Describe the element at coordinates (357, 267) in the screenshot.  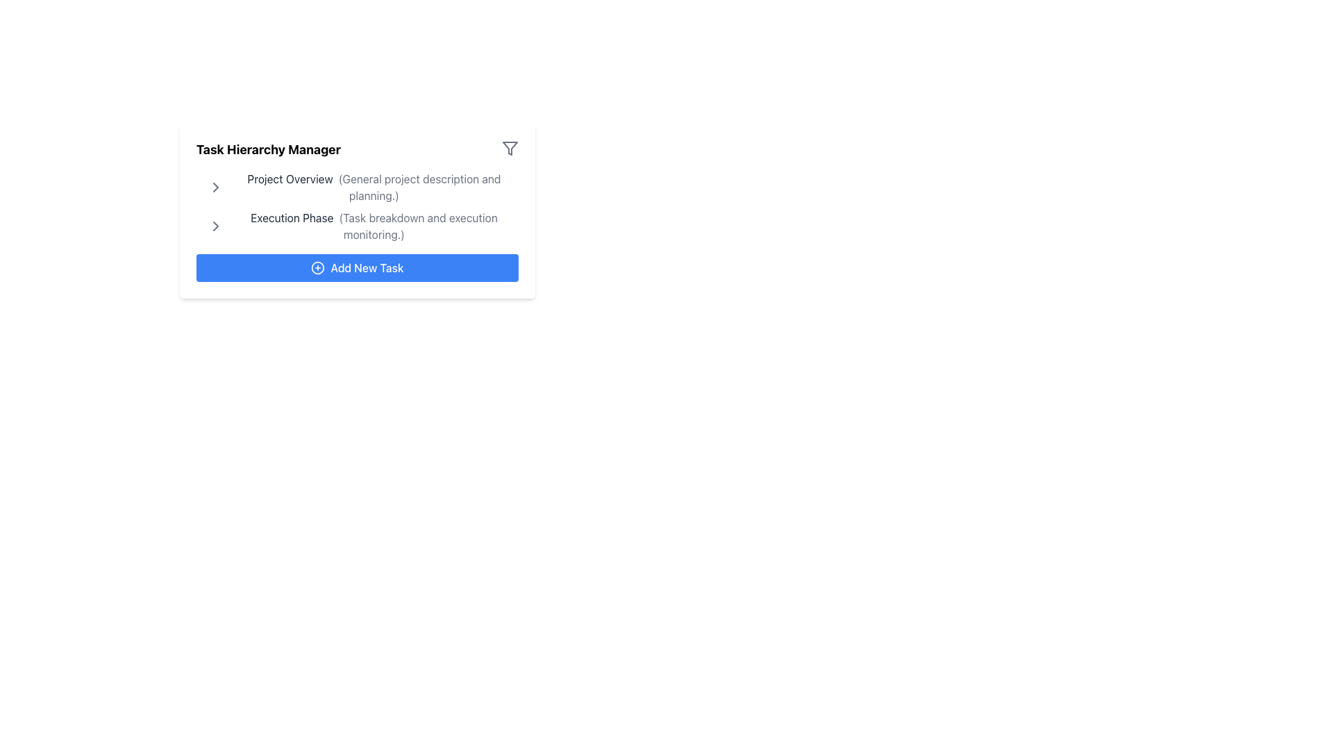
I see `the 'Add New Task' button with a blue background and white text` at that location.